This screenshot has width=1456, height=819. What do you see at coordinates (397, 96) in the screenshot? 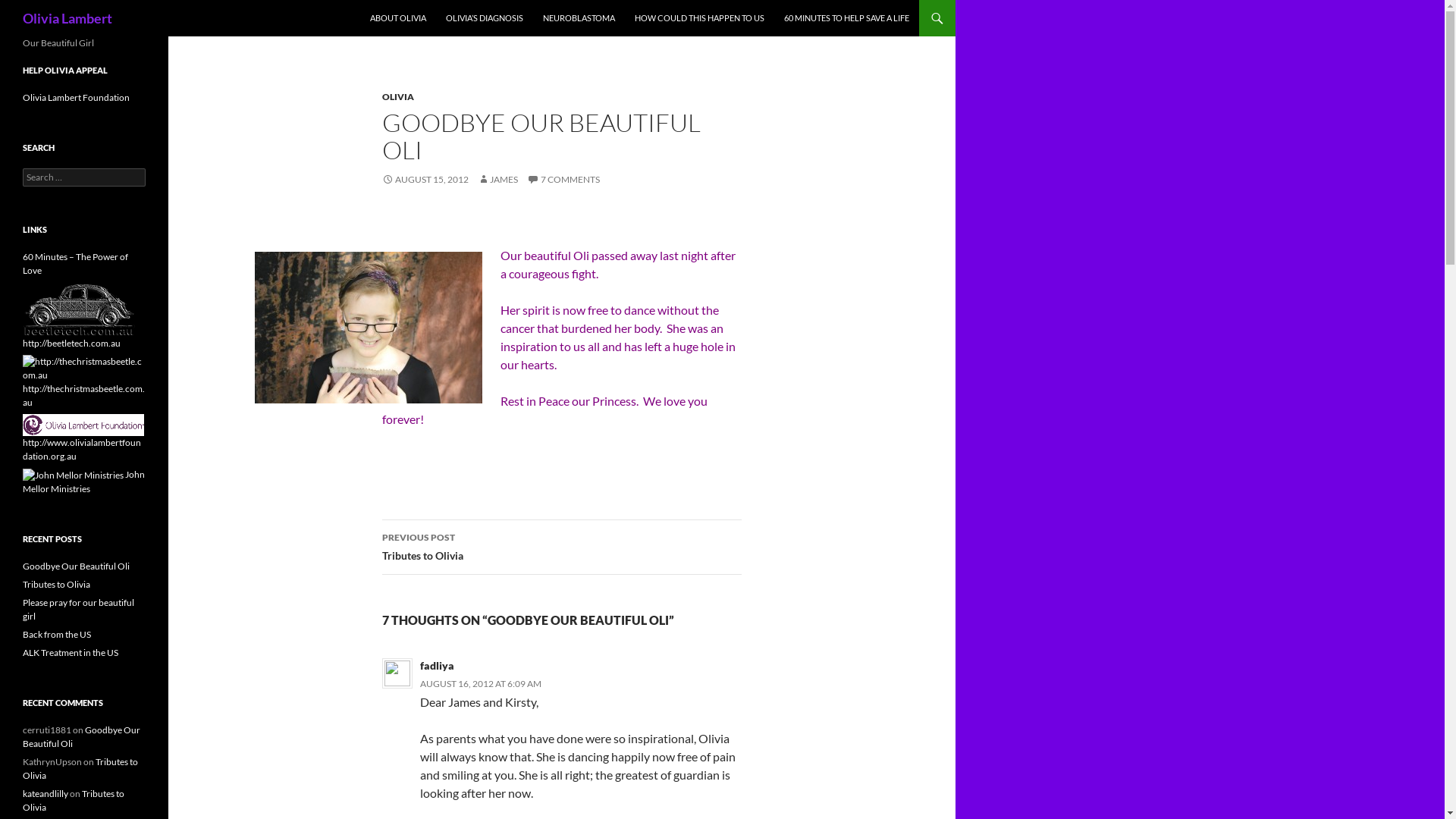
I see `'OLIVIA'` at bounding box center [397, 96].